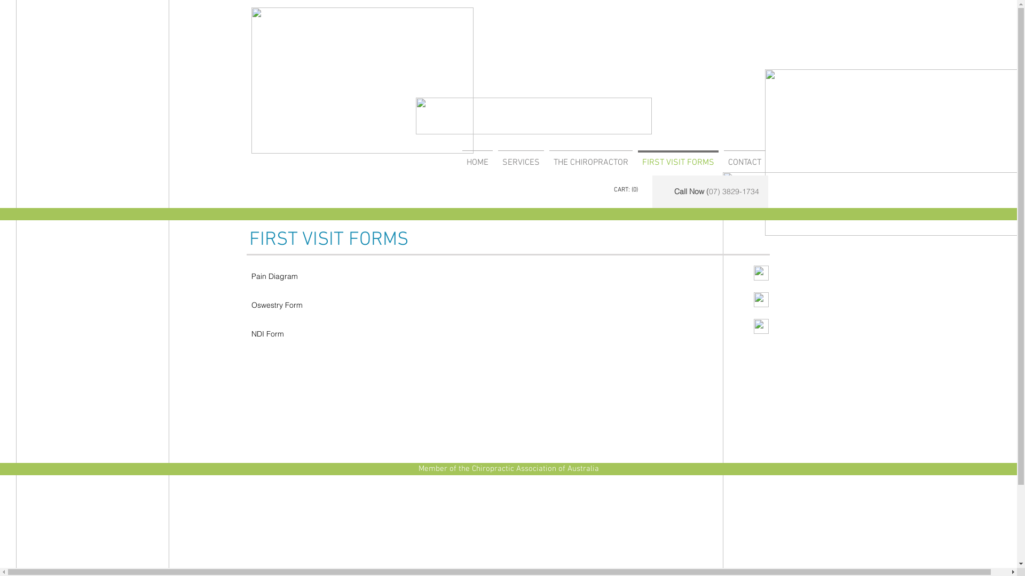 The height and width of the screenshot is (576, 1025). Describe the element at coordinates (274, 275) in the screenshot. I see `'Pain Diagram'` at that location.